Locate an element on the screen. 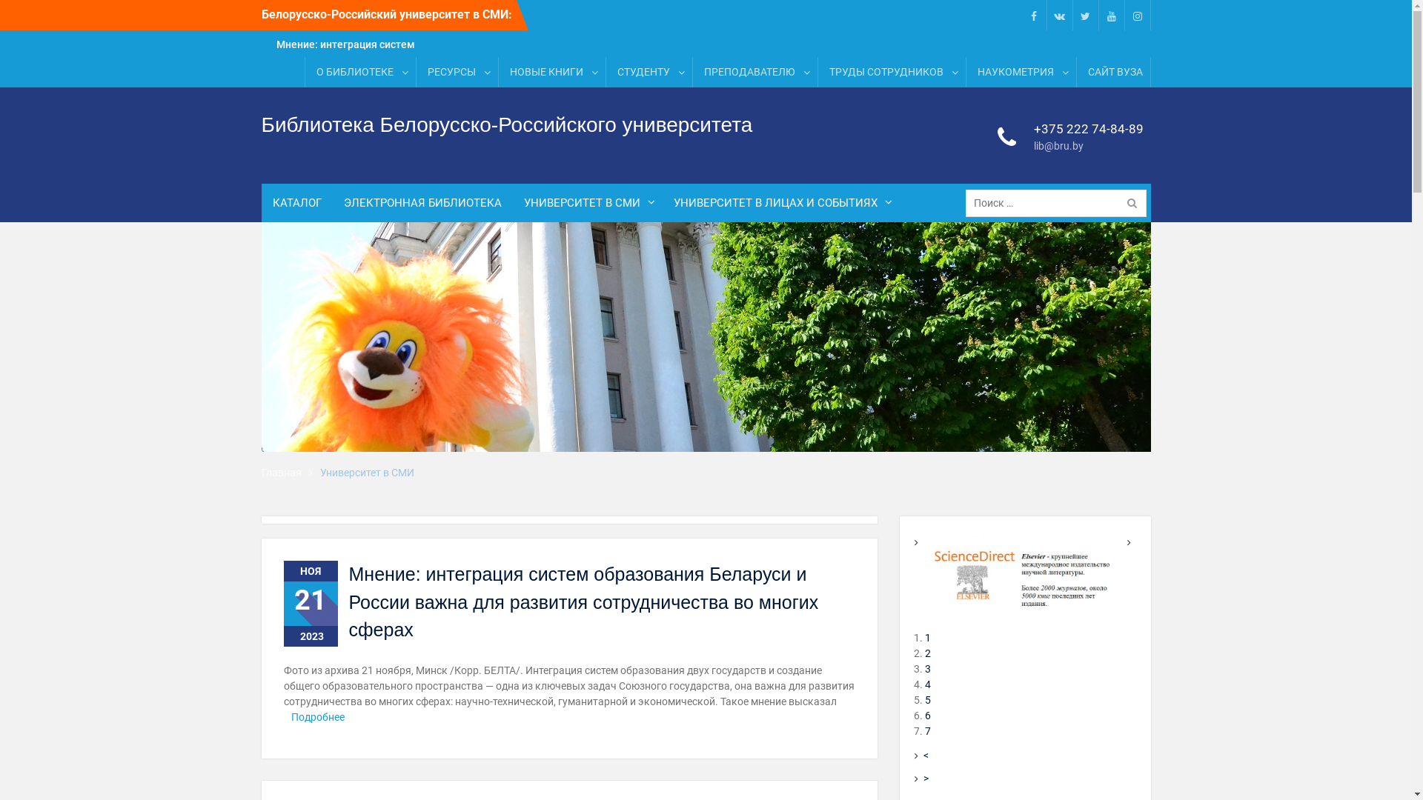  'twitter' is located at coordinates (1078, 15).